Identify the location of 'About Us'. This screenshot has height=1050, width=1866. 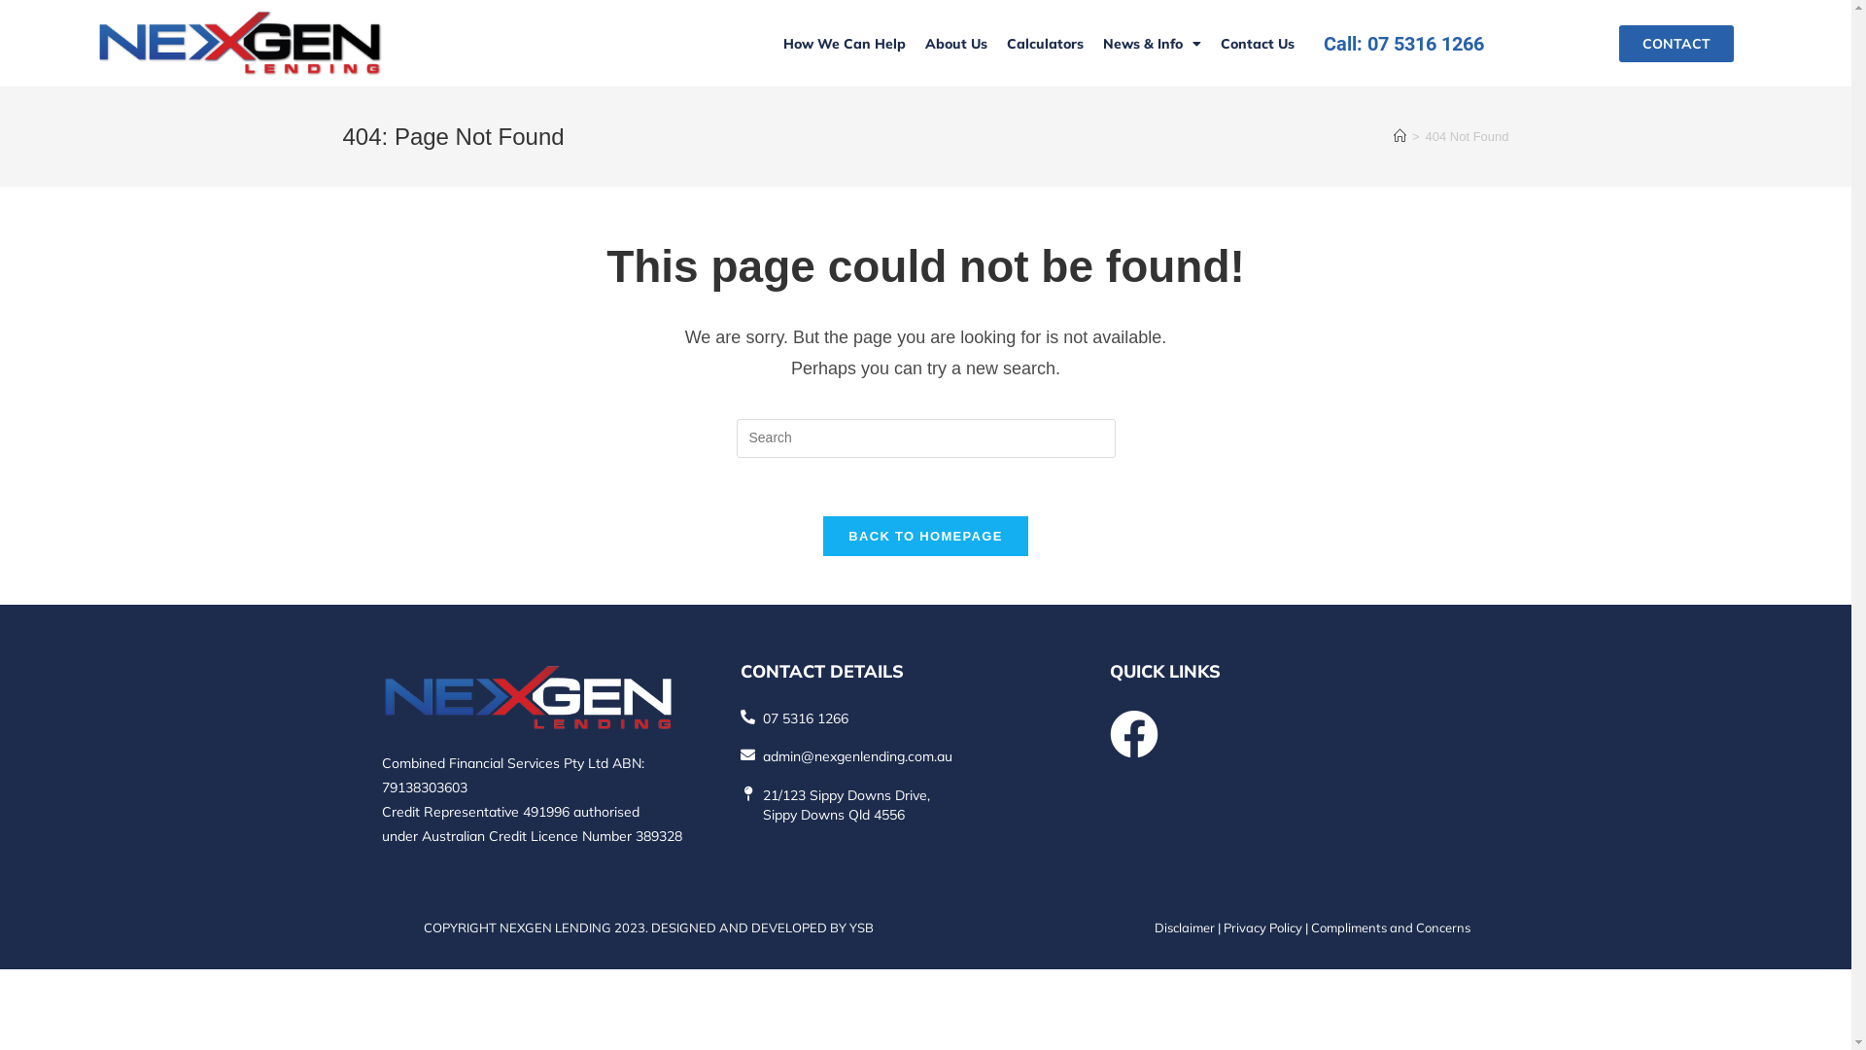
(955, 44).